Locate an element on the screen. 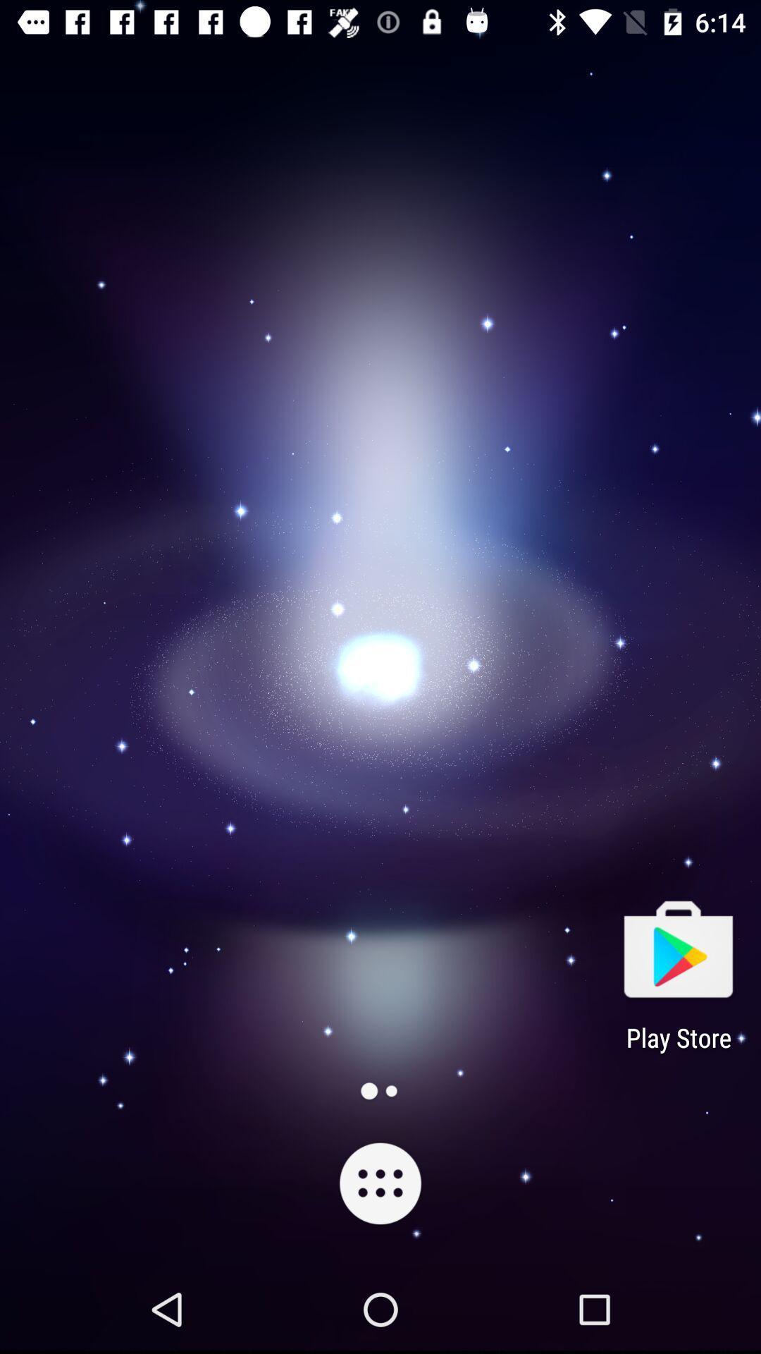 The height and width of the screenshot is (1354, 761). the label icon is located at coordinates (30, 31).